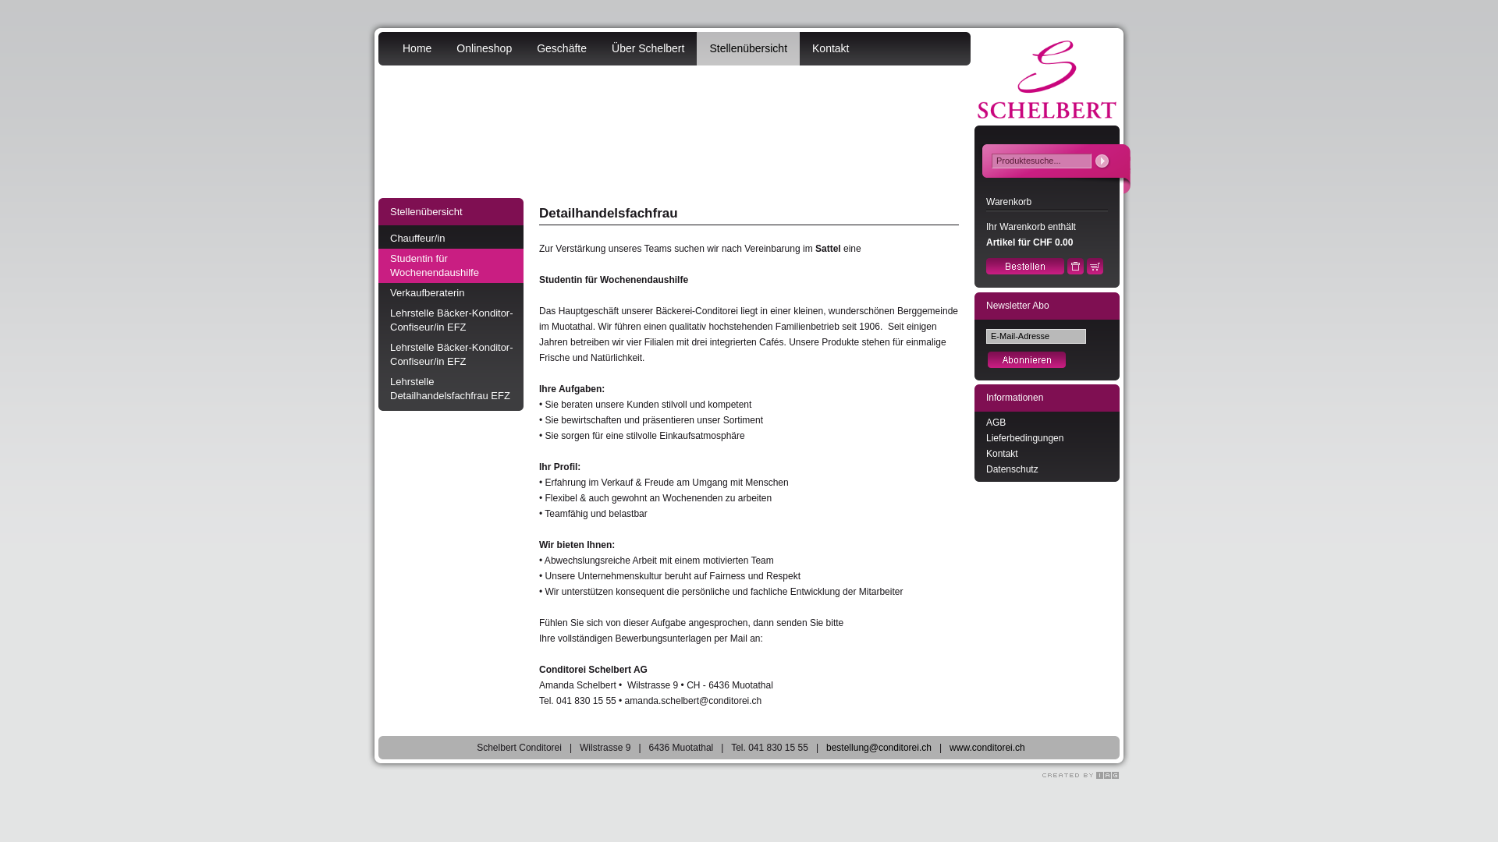  Describe the element at coordinates (1012, 468) in the screenshot. I see `'Datenschutz'` at that location.